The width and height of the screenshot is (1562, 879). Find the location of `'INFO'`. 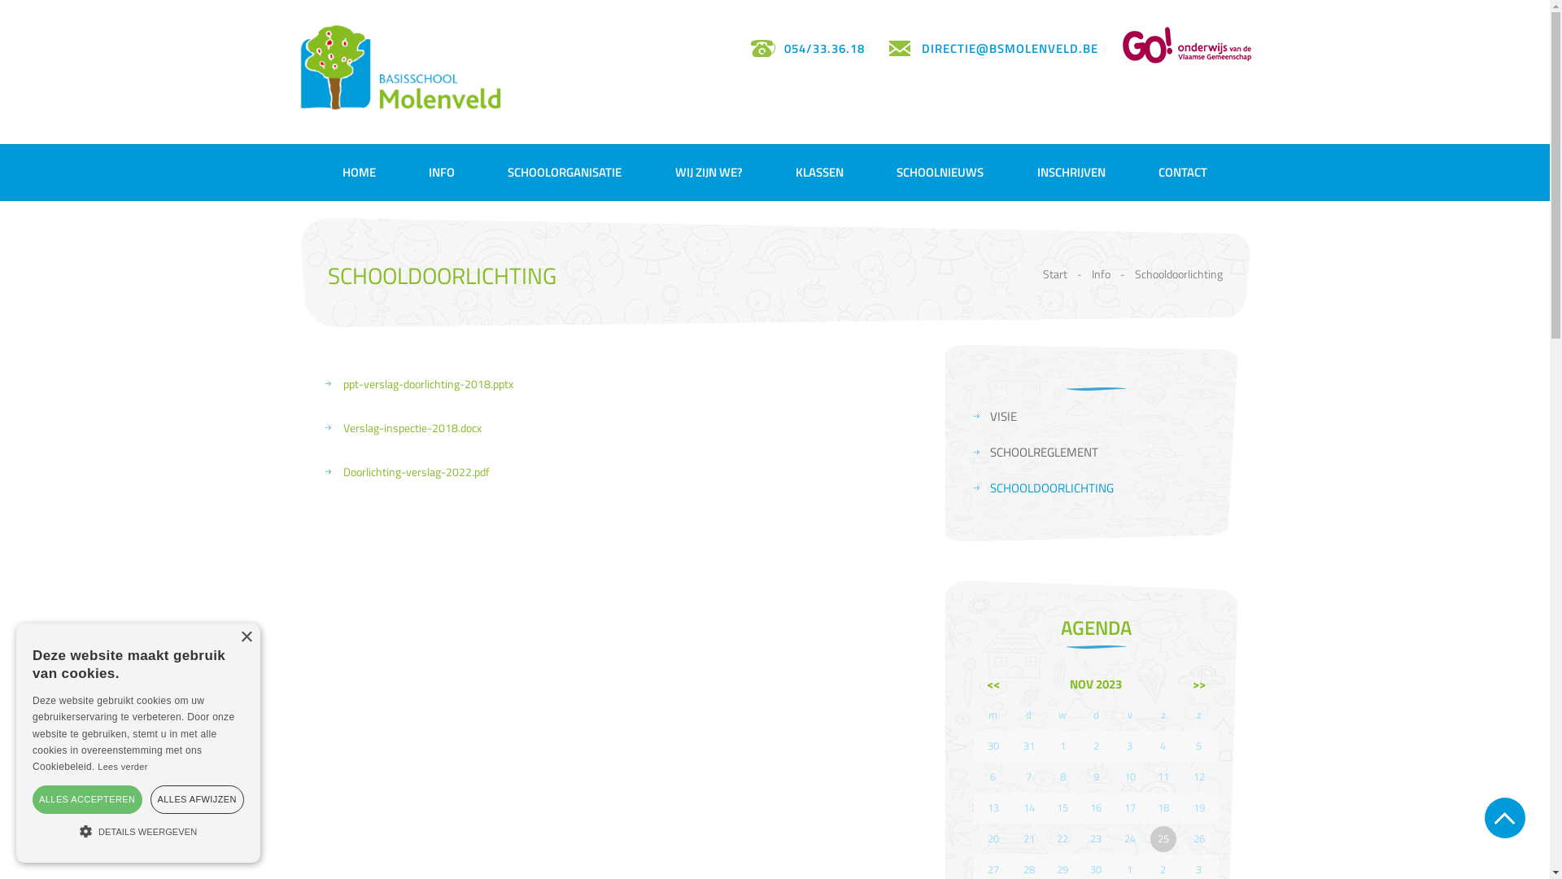

'INFO' is located at coordinates (441, 173).